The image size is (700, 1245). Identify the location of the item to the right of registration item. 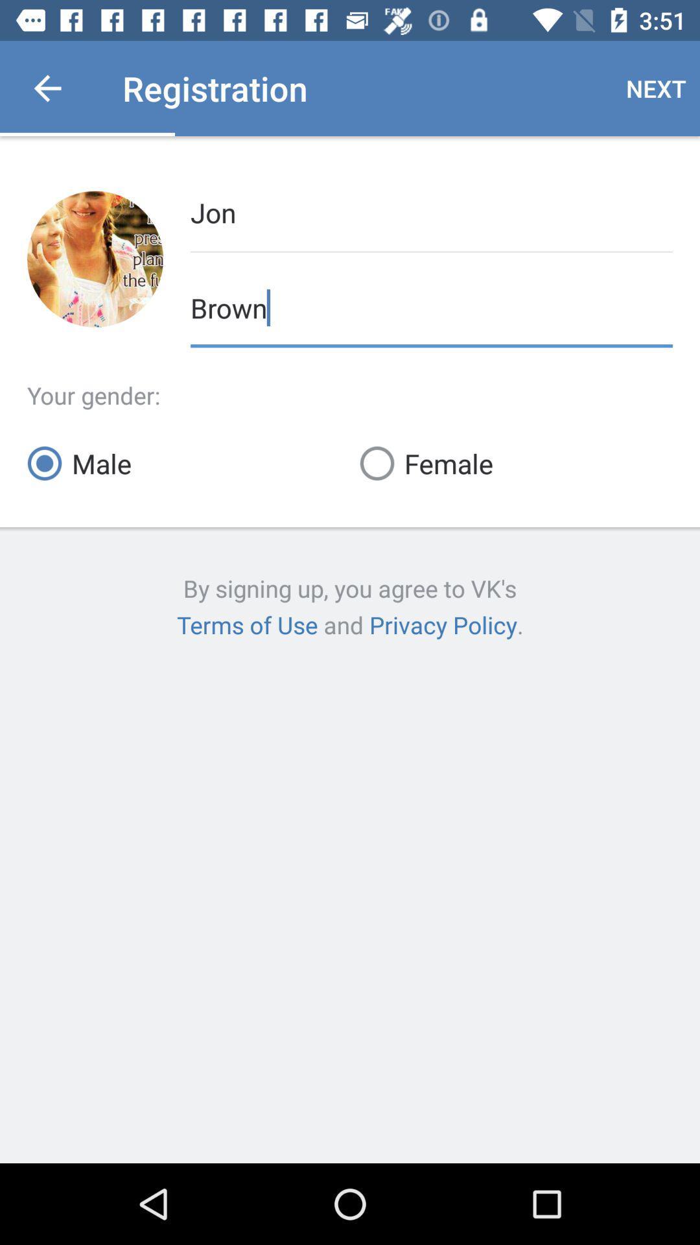
(656, 88).